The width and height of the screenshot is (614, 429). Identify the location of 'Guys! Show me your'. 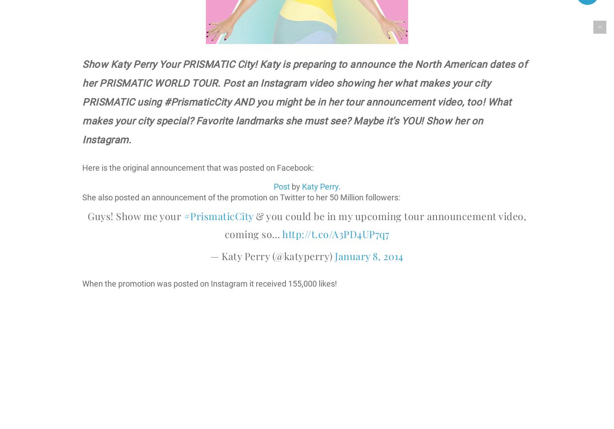
(135, 216).